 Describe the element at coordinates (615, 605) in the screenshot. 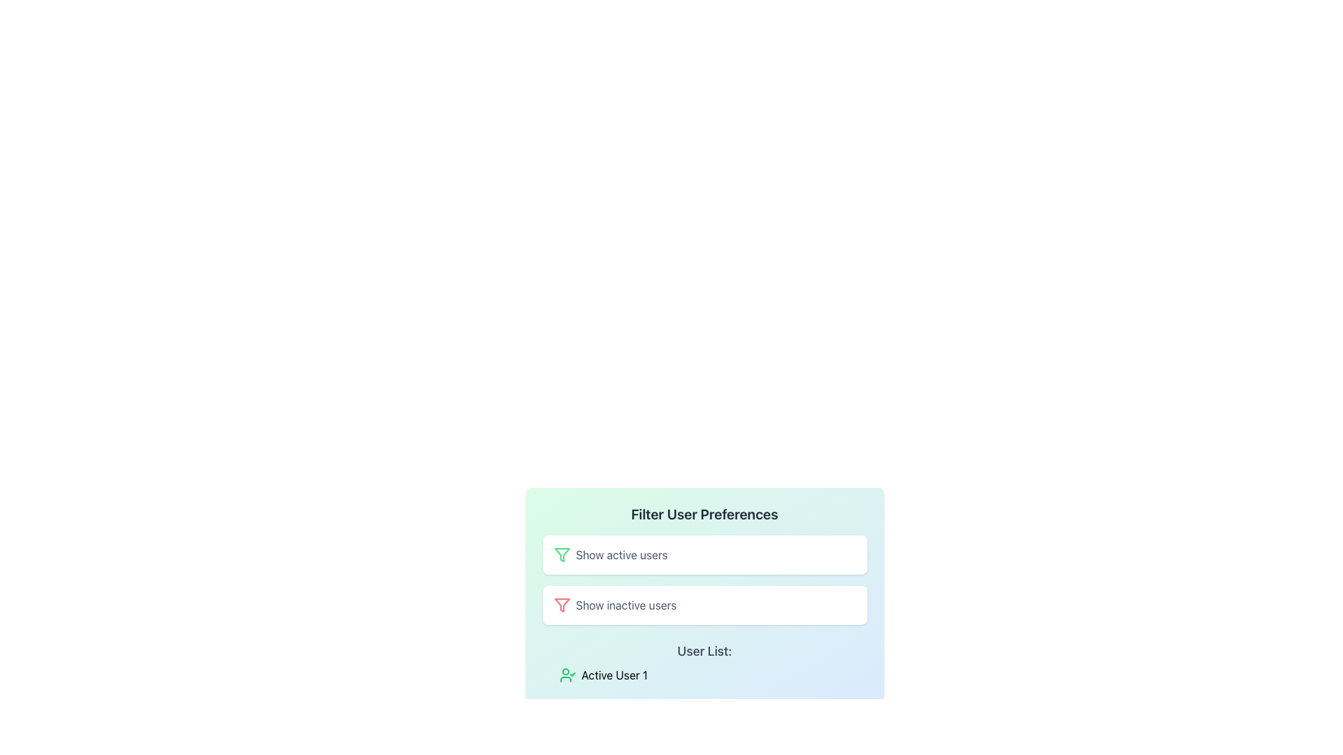

I see `the inactive user filter toggle text, which is located in the second row below the 'Show active users' filter option and has a red icon on the left` at that location.